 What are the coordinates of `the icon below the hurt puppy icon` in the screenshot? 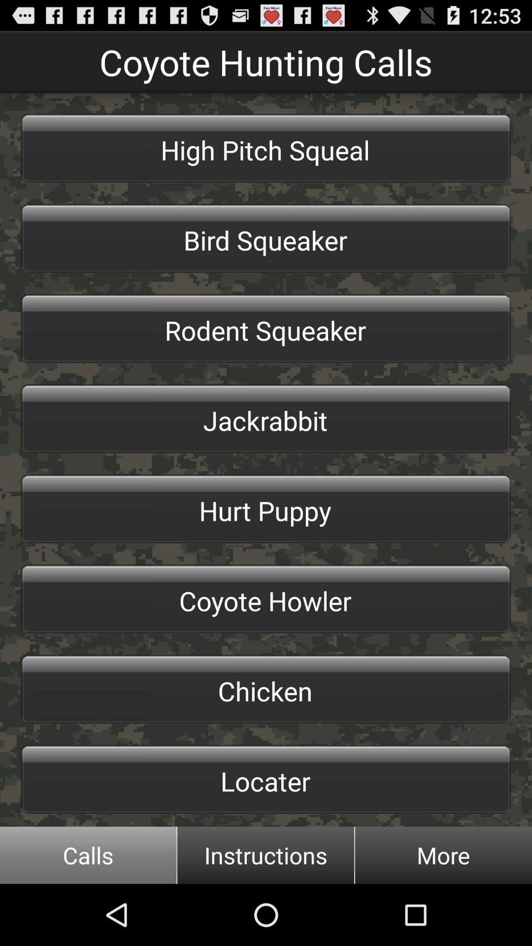 It's located at (266, 599).